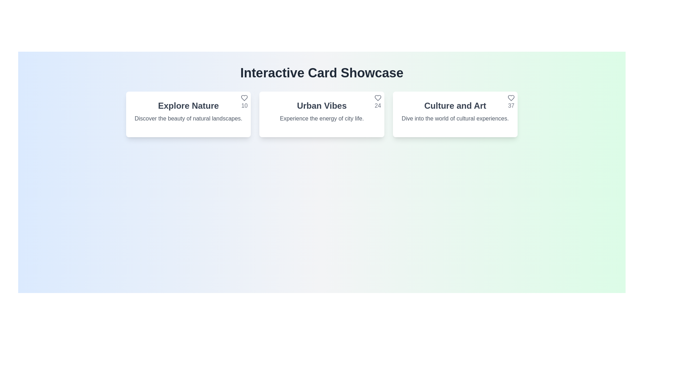 This screenshot has width=684, height=385. I want to click on the interactive numerical display with an icon representing the 'like' or 'favorites' counter located at the top-right corner of the 'Urban Vibes' card, so click(377, 102).